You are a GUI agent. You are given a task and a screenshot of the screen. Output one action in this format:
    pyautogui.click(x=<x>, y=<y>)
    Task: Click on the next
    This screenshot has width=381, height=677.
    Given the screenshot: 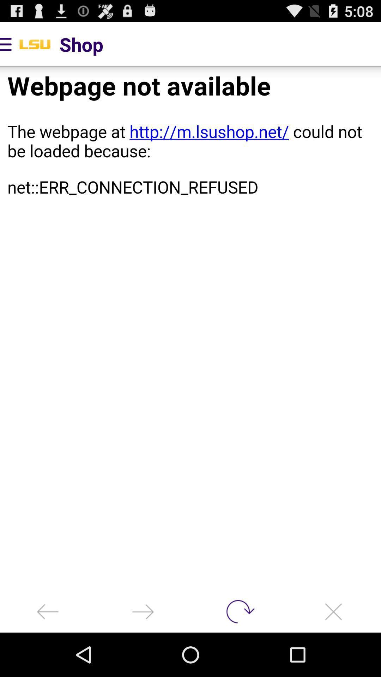 What is the action you would take?
    pyautogui.click(x=143, y=611)
    